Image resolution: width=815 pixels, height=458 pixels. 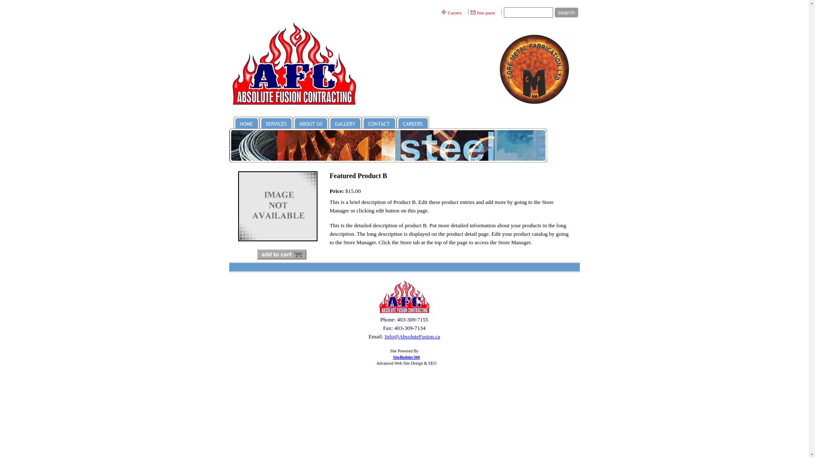 What do you see at coordinates (455, 13) in the screenshot?
I see `'Careers'` at bounding box center [455, 13].